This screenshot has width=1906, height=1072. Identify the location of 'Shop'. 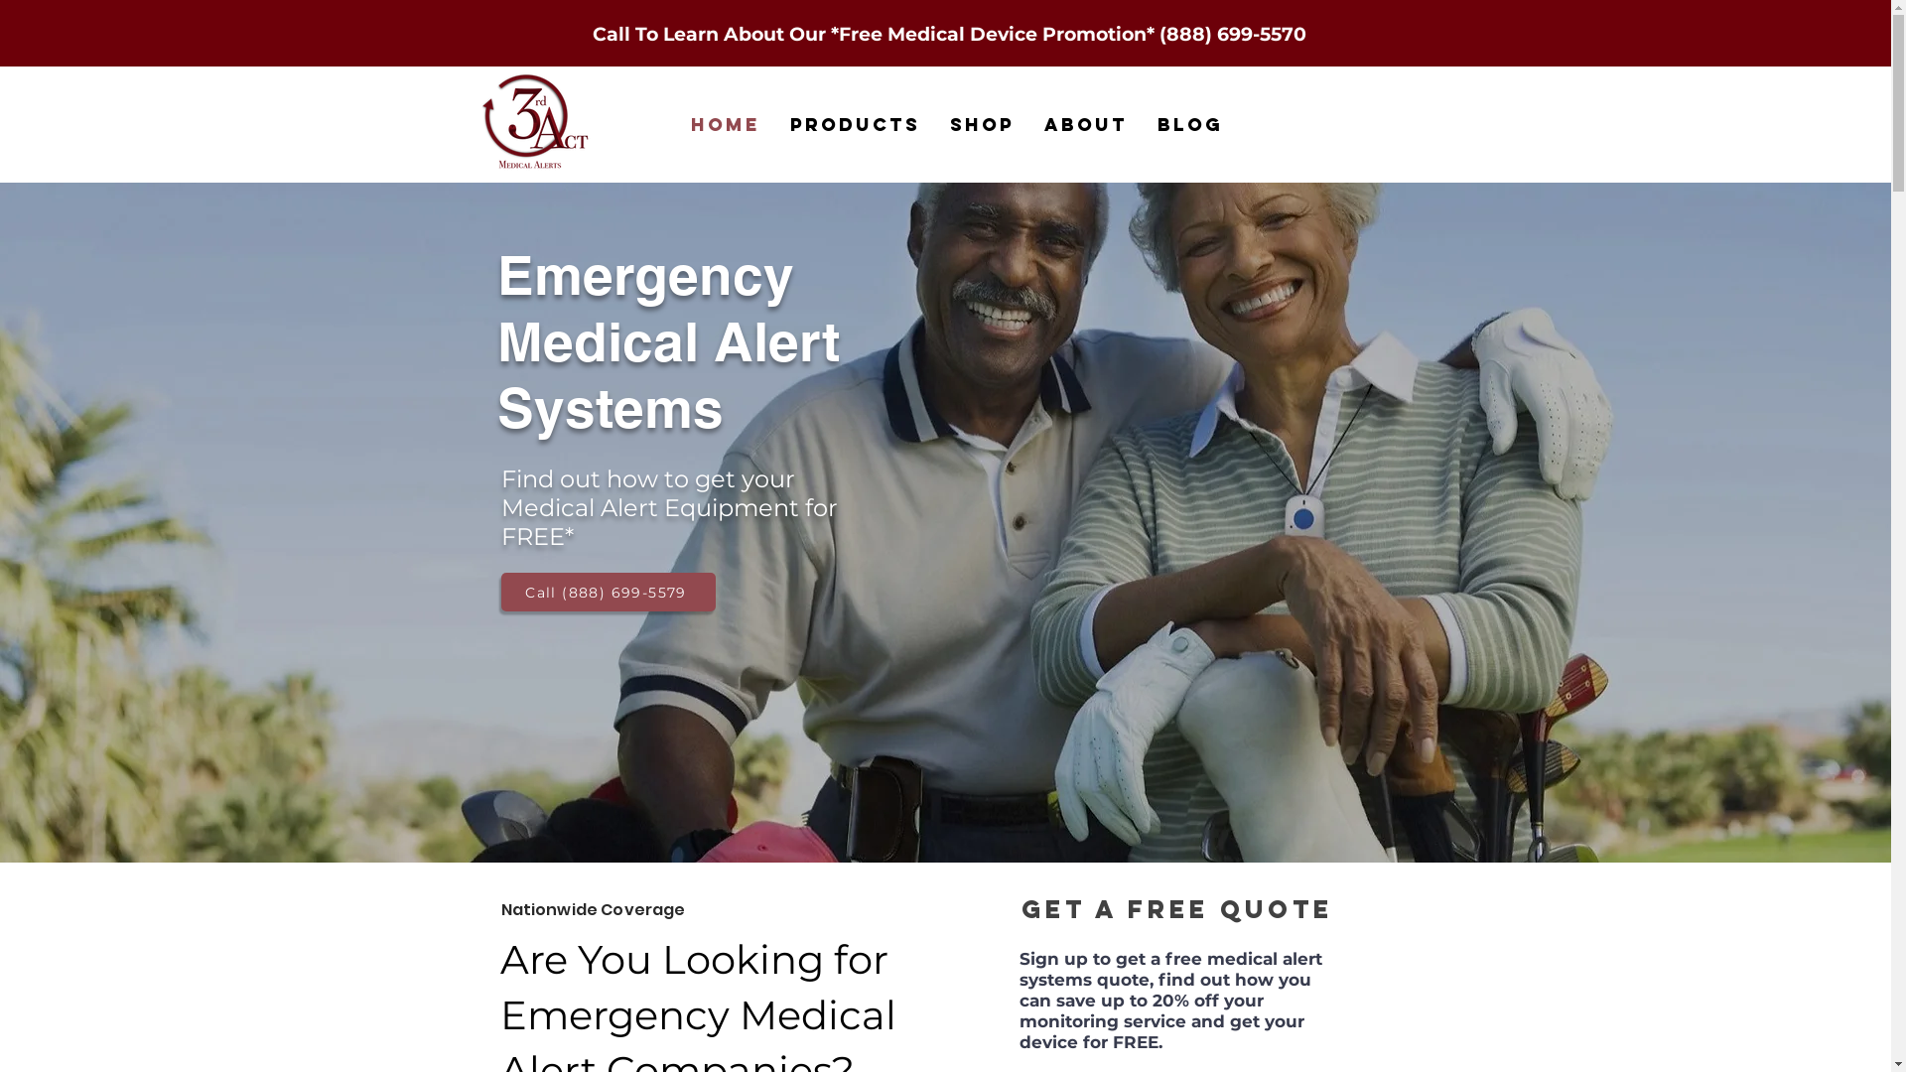
(982, 124).